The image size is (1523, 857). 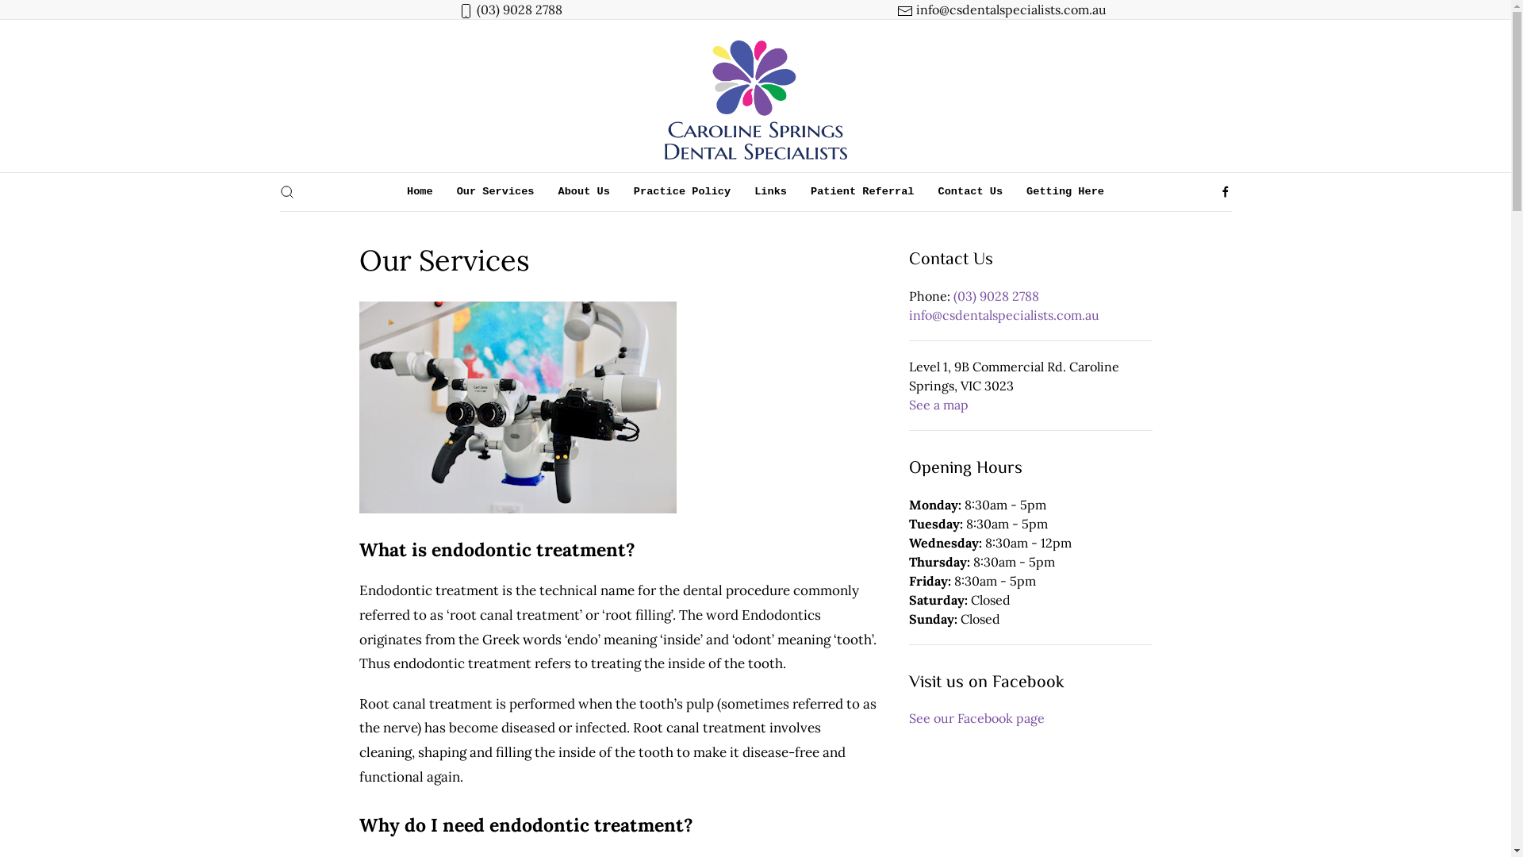 I want to click on 'Our Services', so click(x=494, y=191).